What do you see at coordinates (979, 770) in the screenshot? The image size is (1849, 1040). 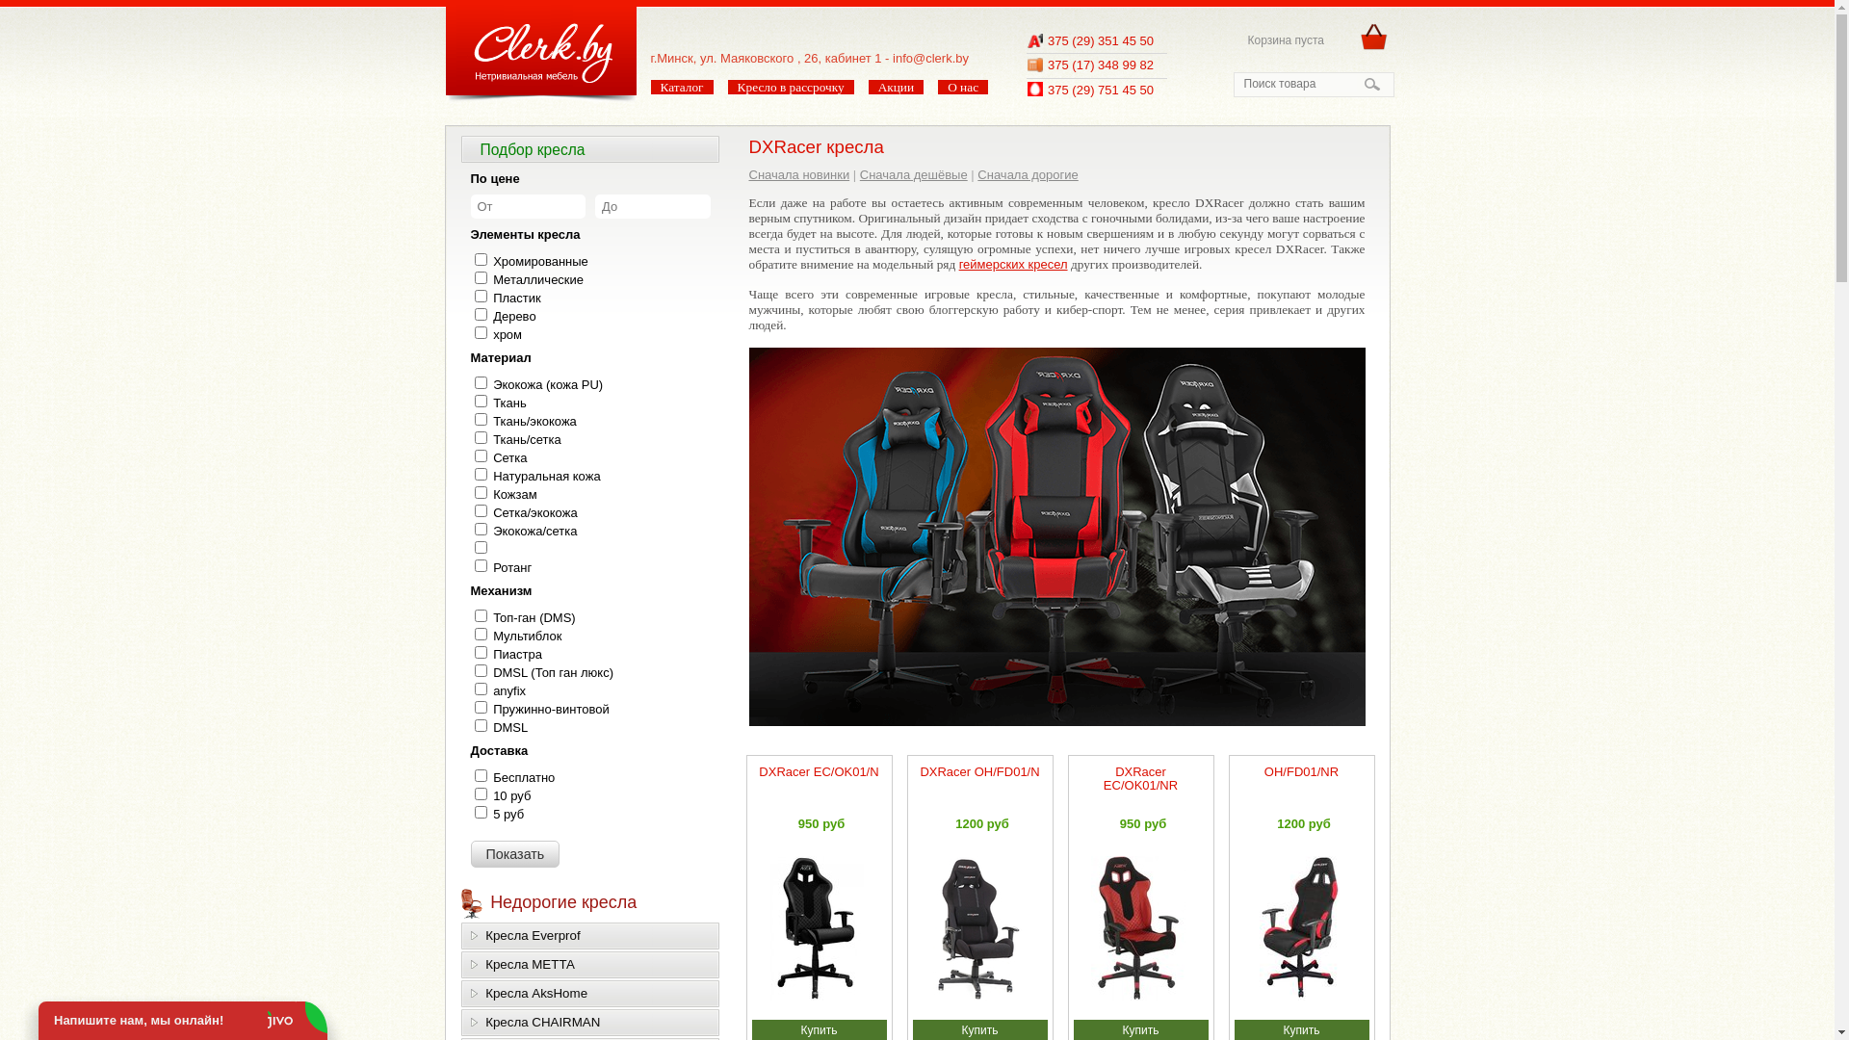 I see `'DXRacer OH/FD01/N'` at bounding box center [979, 770].